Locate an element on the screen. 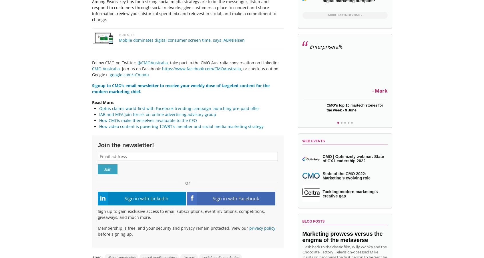 The height and width of the screenshot is (258, 484). 'google.com/+CmoAu' is located at coordinates (129, 74).